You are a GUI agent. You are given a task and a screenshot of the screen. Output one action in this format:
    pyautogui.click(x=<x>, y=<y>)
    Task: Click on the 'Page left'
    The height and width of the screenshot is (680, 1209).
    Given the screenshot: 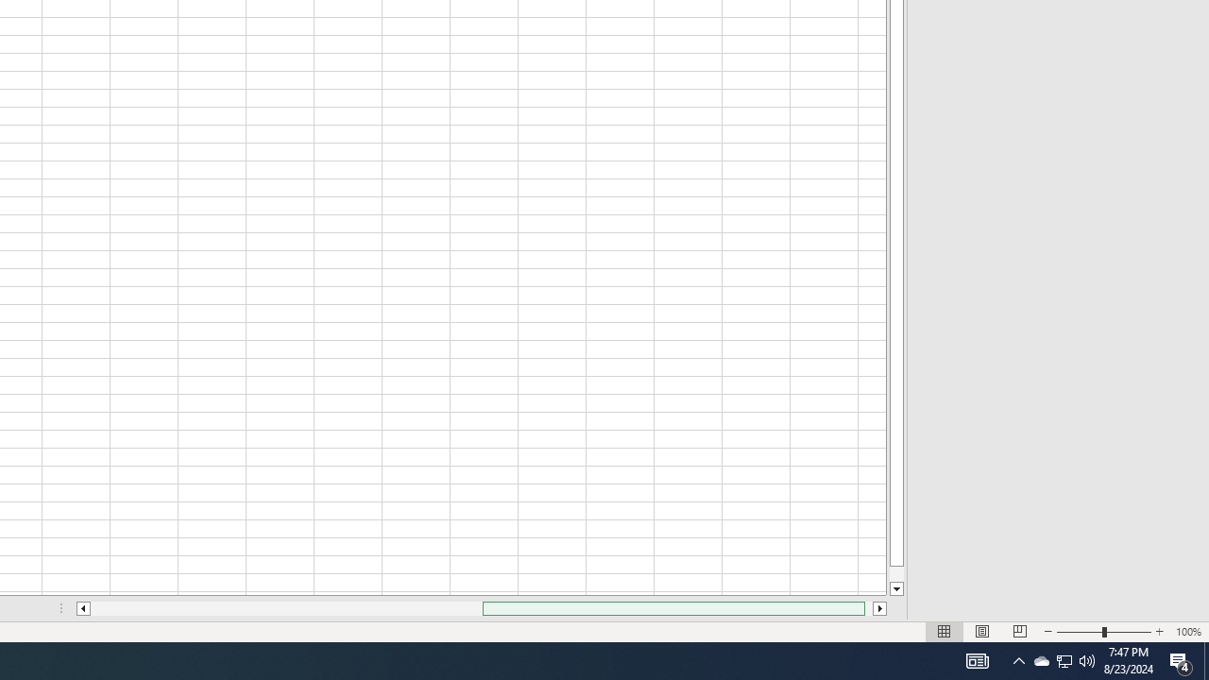 What is the action you would take?
    pyautogui.click(x=285, y=608)
    